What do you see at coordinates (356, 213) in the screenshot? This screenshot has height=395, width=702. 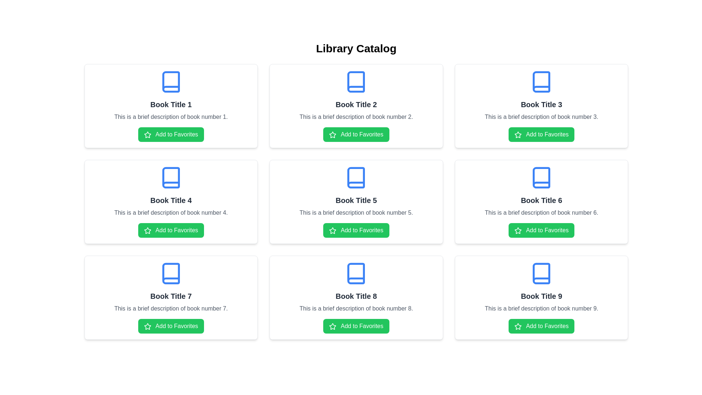 I see `the text label styled with gray font color that contains the text 'This is a brief description of book number 5.' located within the card presenting 'Book Title 5.'` at bounding box center [356, 213].